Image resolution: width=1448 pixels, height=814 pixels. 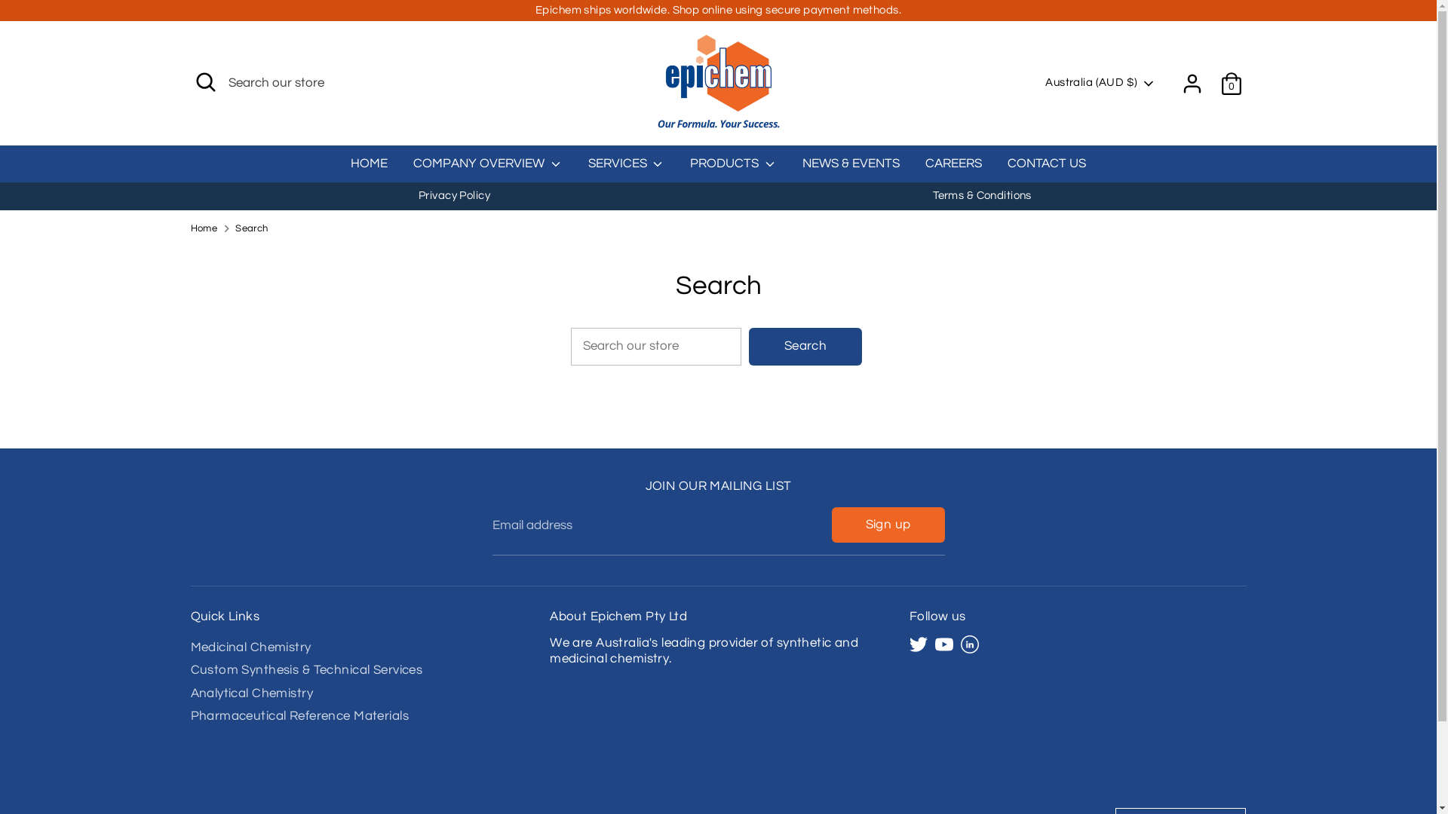 What do you see at coordinates (626, 168) in the screenshot?
I see `'SERVICES'` at bounding box center [626, 168].